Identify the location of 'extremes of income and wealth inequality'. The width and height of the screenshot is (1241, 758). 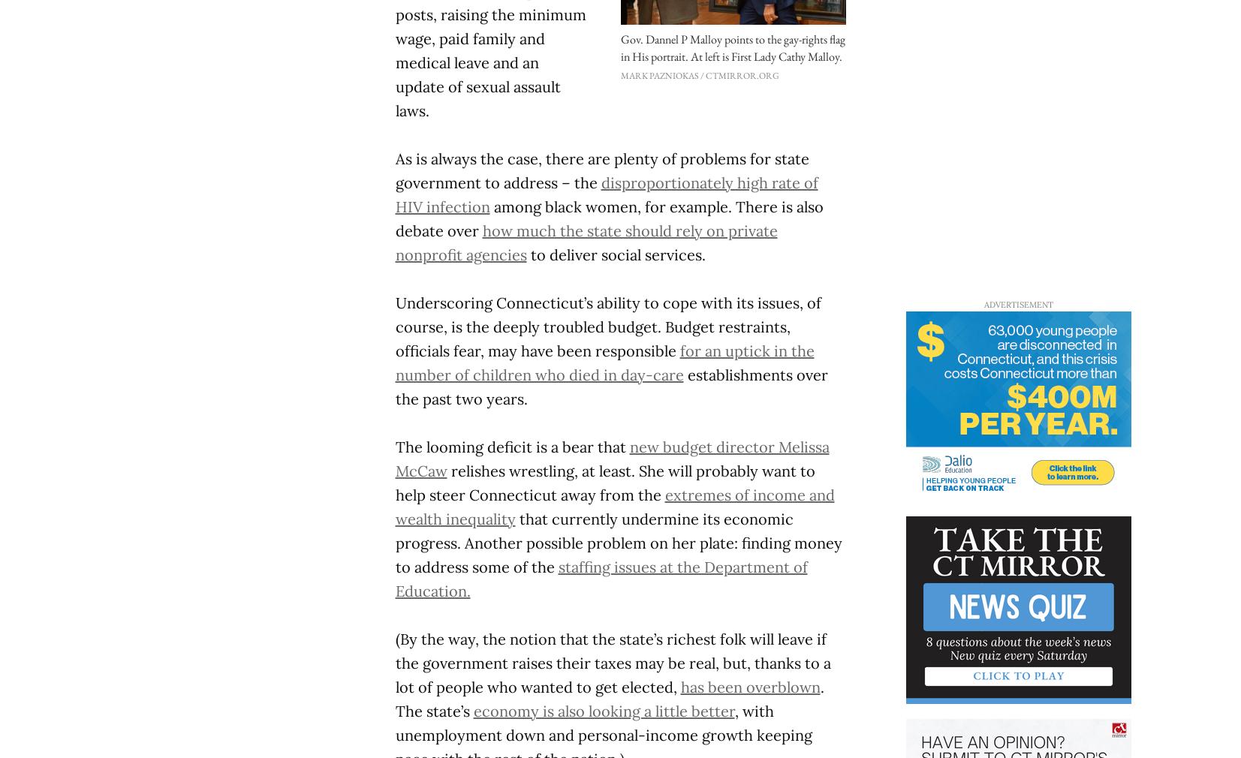
(613, 505).